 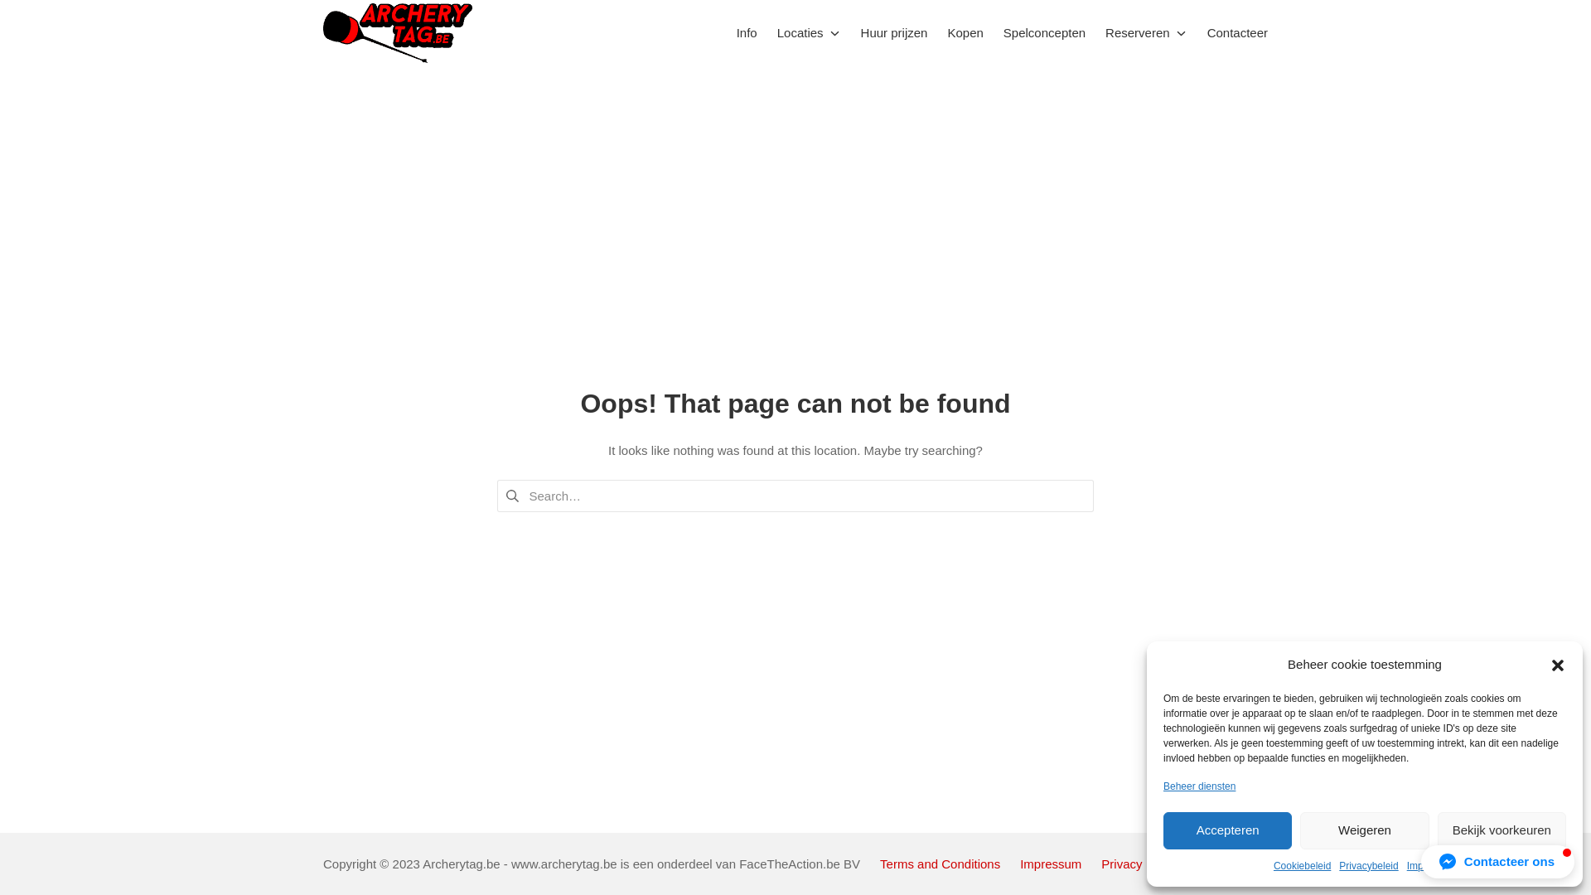 I want to click on 'Privacy Policy', so click(x=1139, y=863).